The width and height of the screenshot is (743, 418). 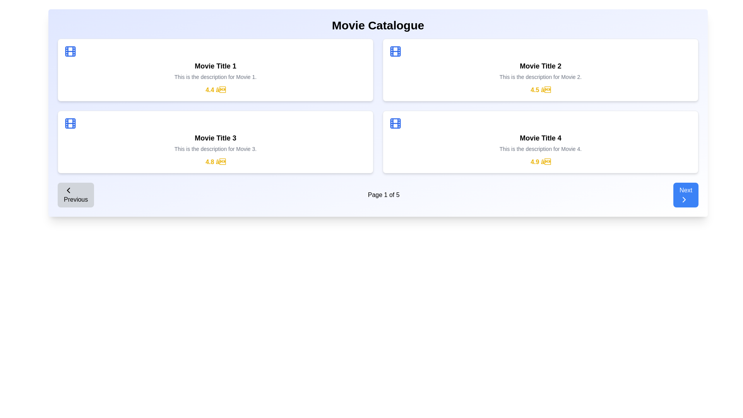 I want to click on the Content card displaying a movie's title, description, and user rating, located in the top-left position of a 2x2 grid layout, so click(x=215, y=70).